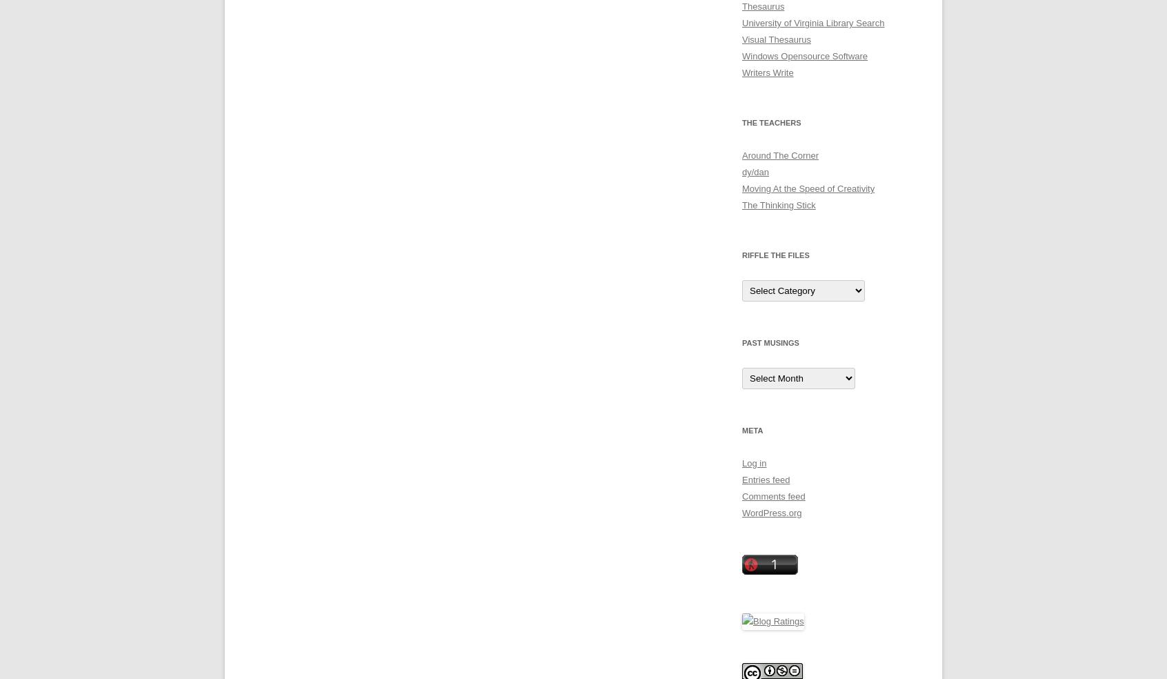 This screenshot has height=679, width=1167. What do you see at coordinates (779, 155) in the screenshot?
I see `'Around The Corner'` at bounding box center [779, 155].